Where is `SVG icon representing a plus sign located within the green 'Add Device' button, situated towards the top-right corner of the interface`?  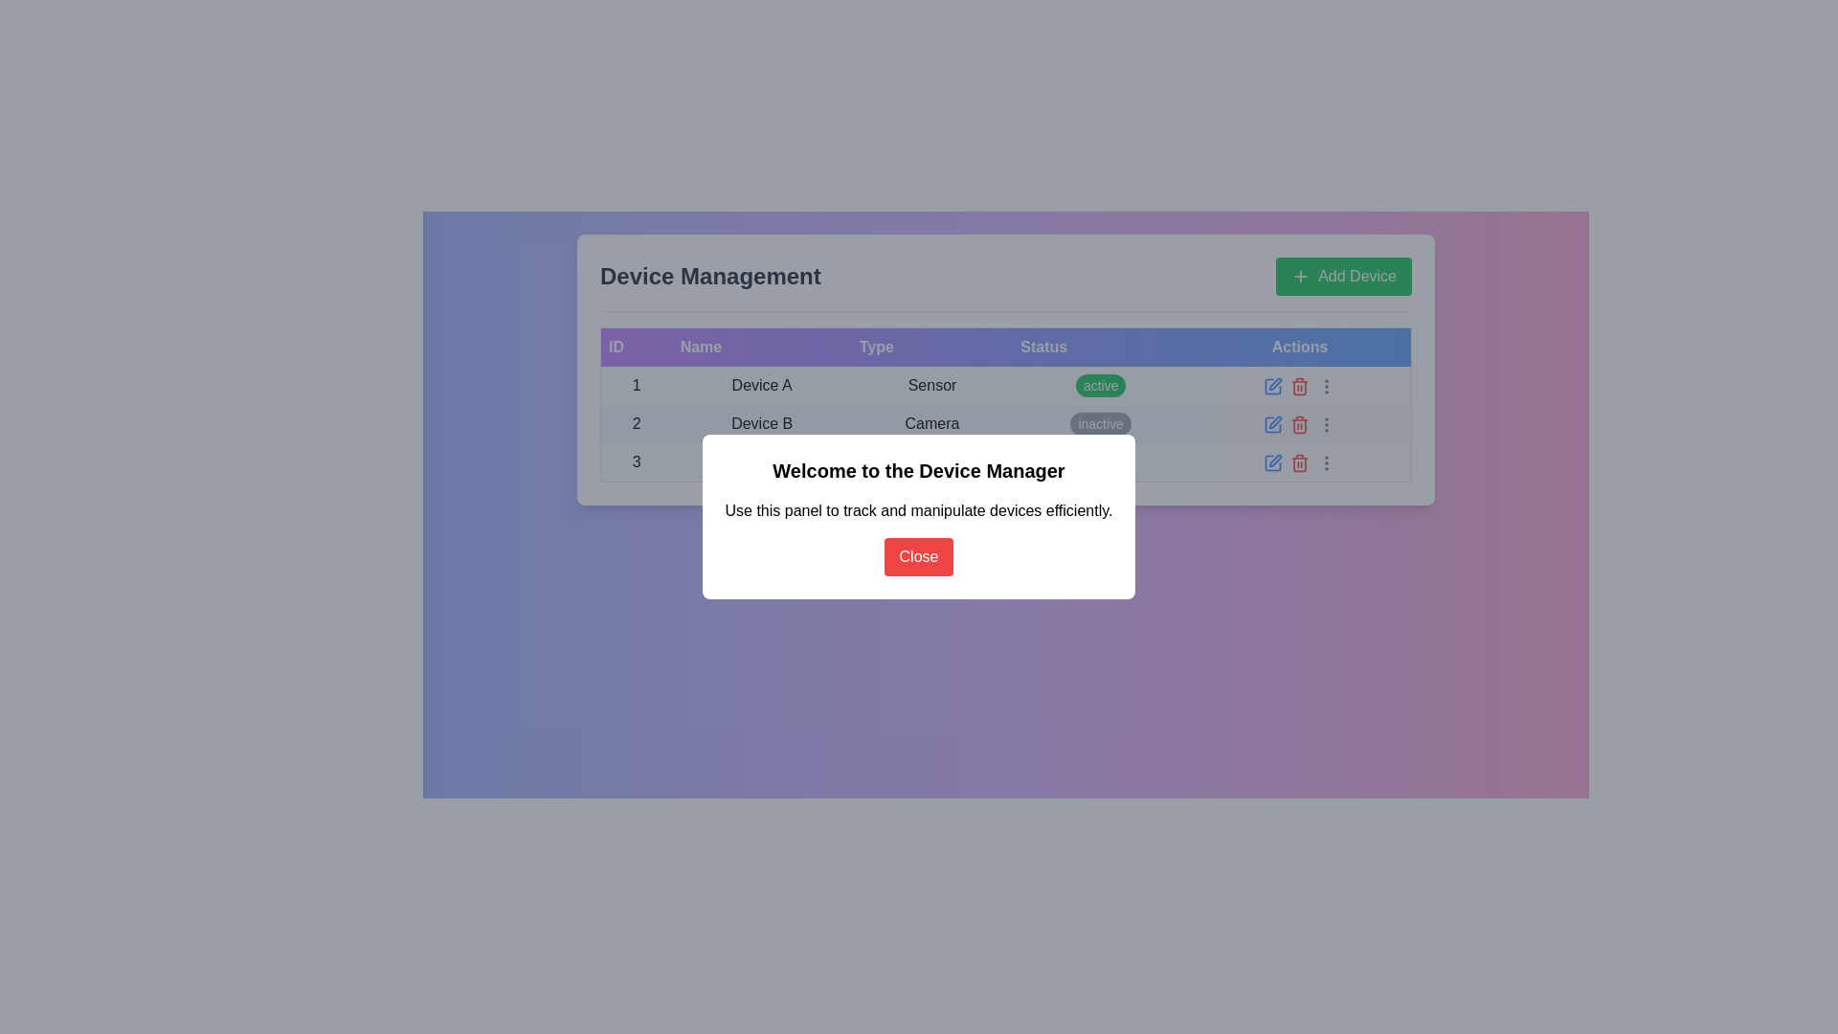 SVG icon representing a plus sign located within the green 'Add Device' button, situated towards the top-right corner of the interface is located at coordinates (1301, 277).